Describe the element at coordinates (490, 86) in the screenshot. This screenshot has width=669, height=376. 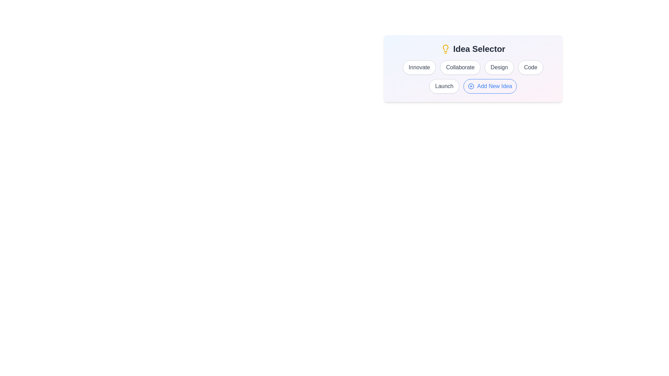
I see `the Add New Idea button to observe its hover effect` at that location.